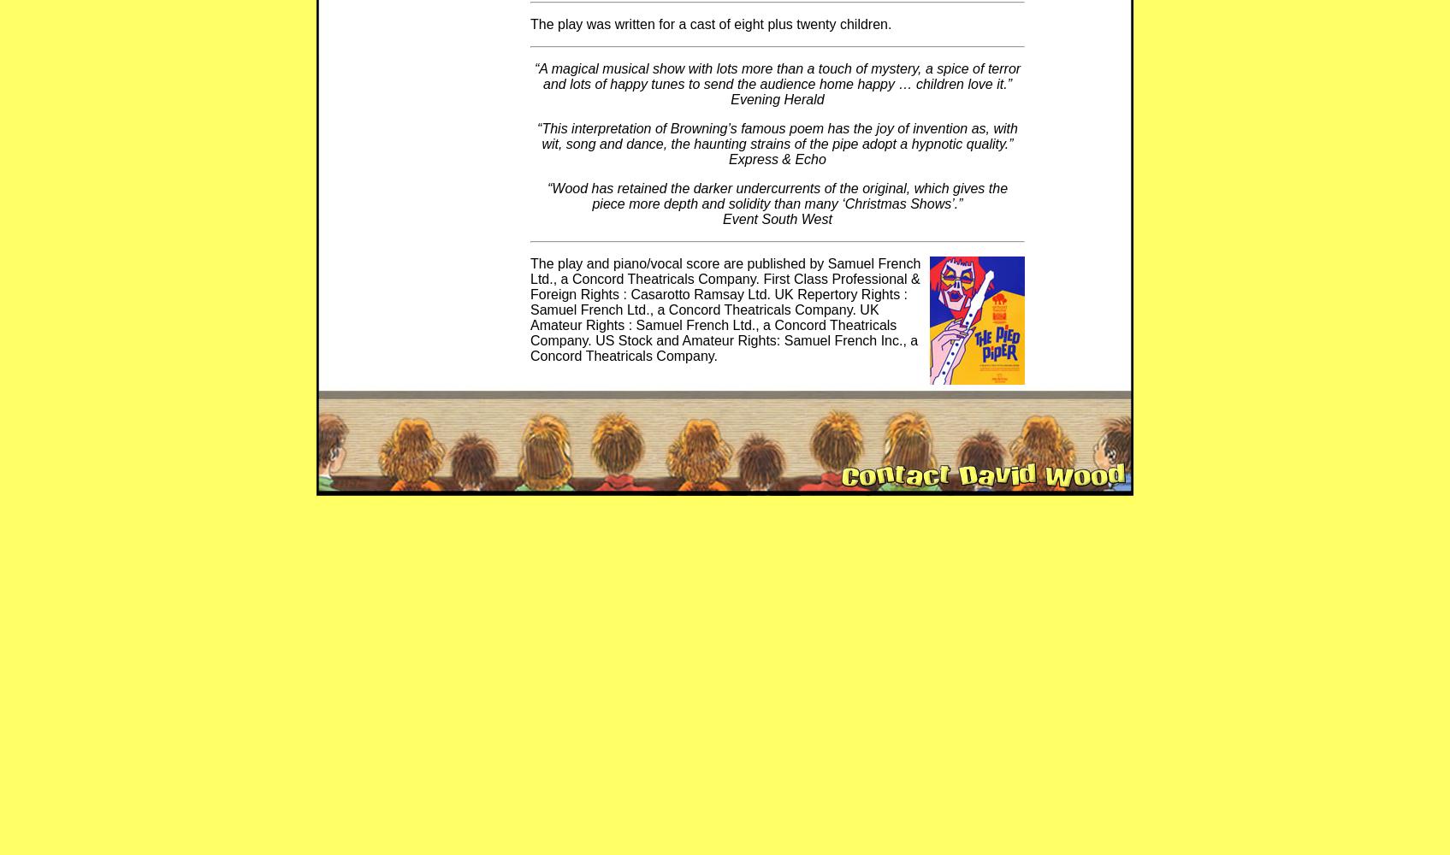 This screenshot has width=1450, height=855. I want to click on 'Evening Herald', so click(776, 98).